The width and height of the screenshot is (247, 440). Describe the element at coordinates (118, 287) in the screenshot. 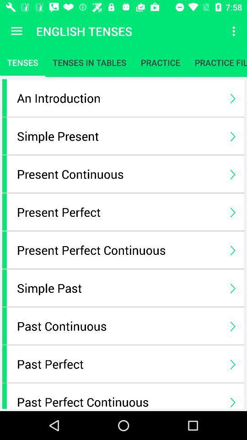

I see `the item below the present perfect continuous icon` at that location.